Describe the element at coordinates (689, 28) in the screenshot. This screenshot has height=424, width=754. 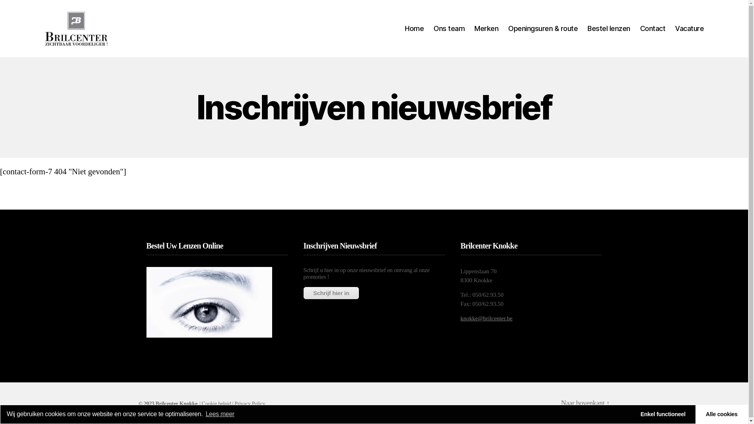
I see `'Vacature'` at that location.